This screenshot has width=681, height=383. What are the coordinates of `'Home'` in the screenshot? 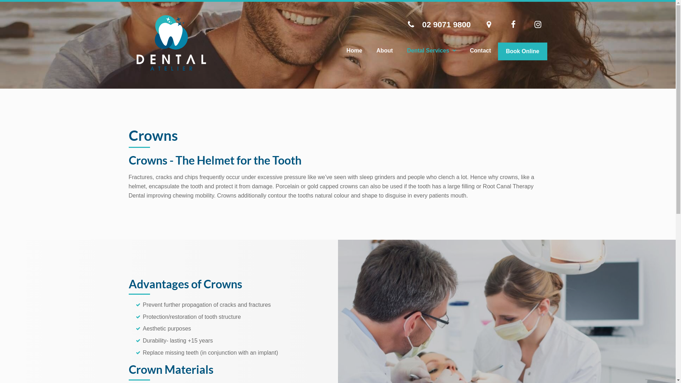 It's located at (339, 50).